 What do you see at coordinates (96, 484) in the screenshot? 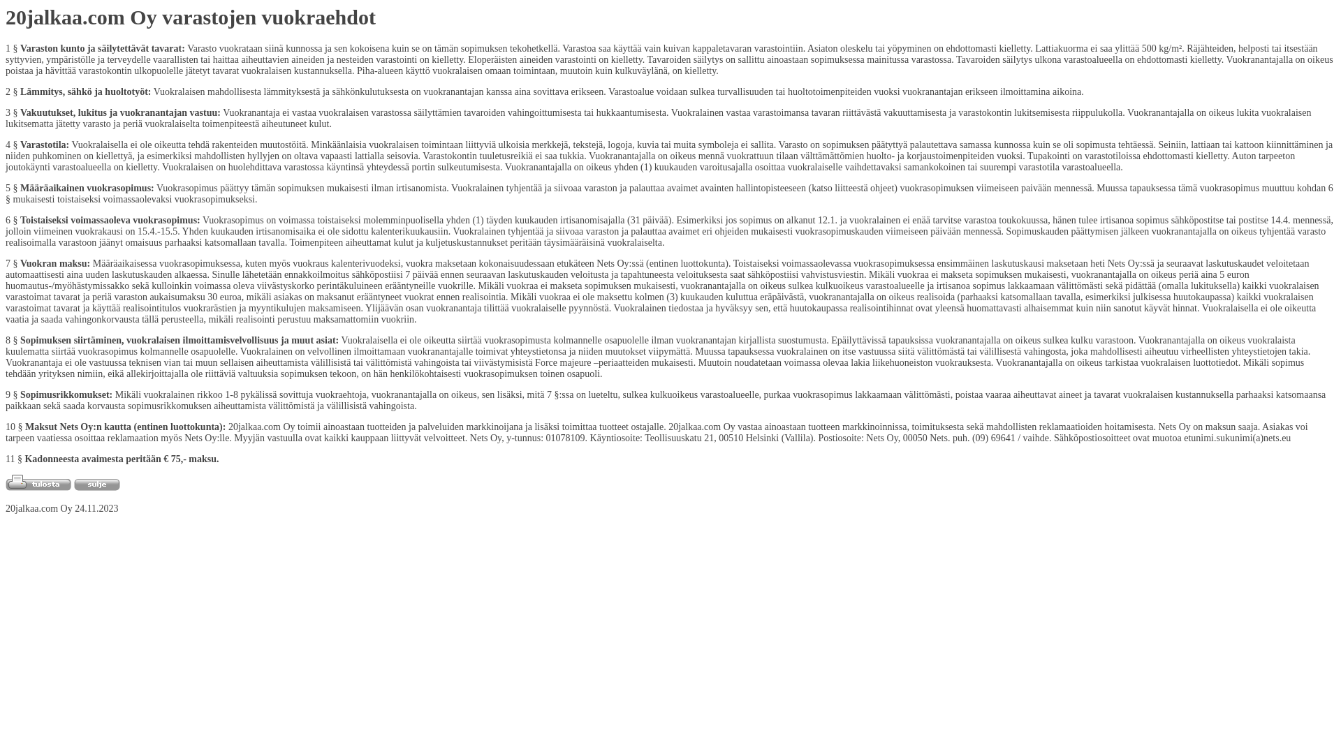
I see `'Sulje'` at bounding box center [96, 484].